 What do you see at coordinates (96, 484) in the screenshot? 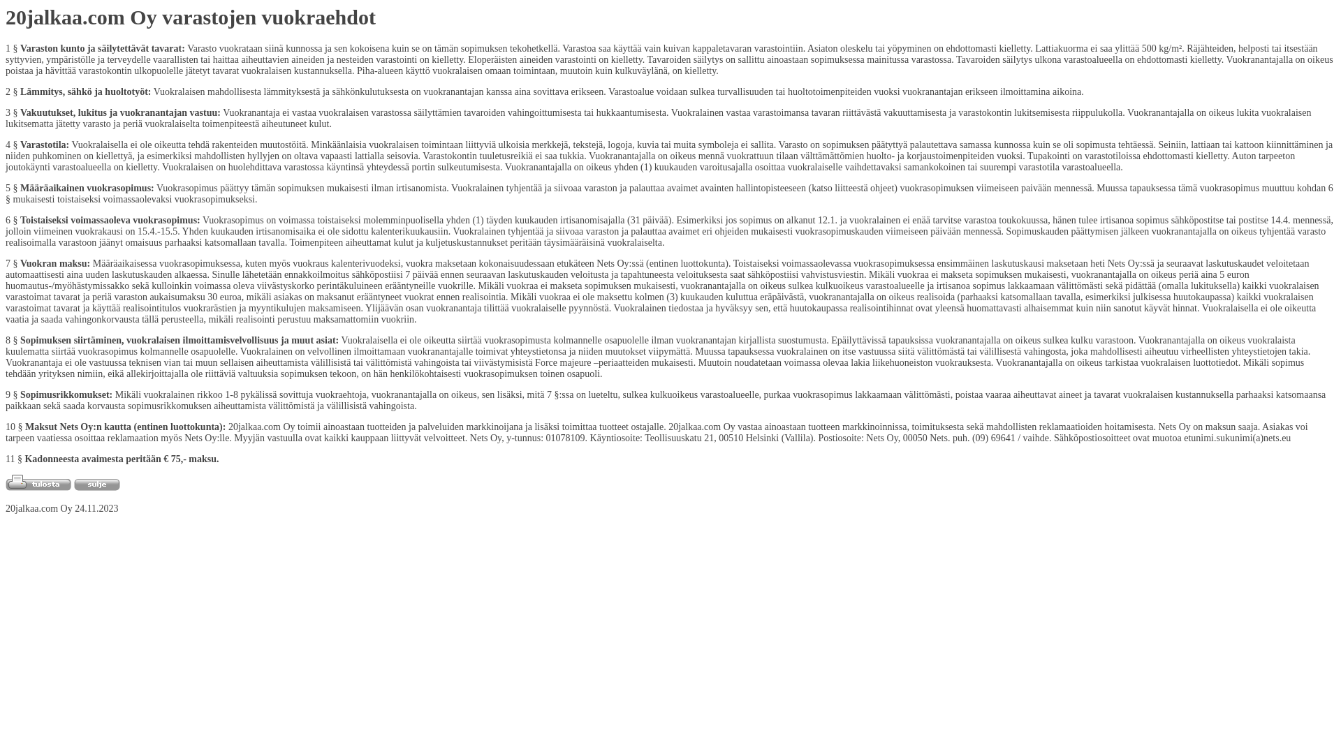
I see `'Sulje'` at bounding box center [96, 484].